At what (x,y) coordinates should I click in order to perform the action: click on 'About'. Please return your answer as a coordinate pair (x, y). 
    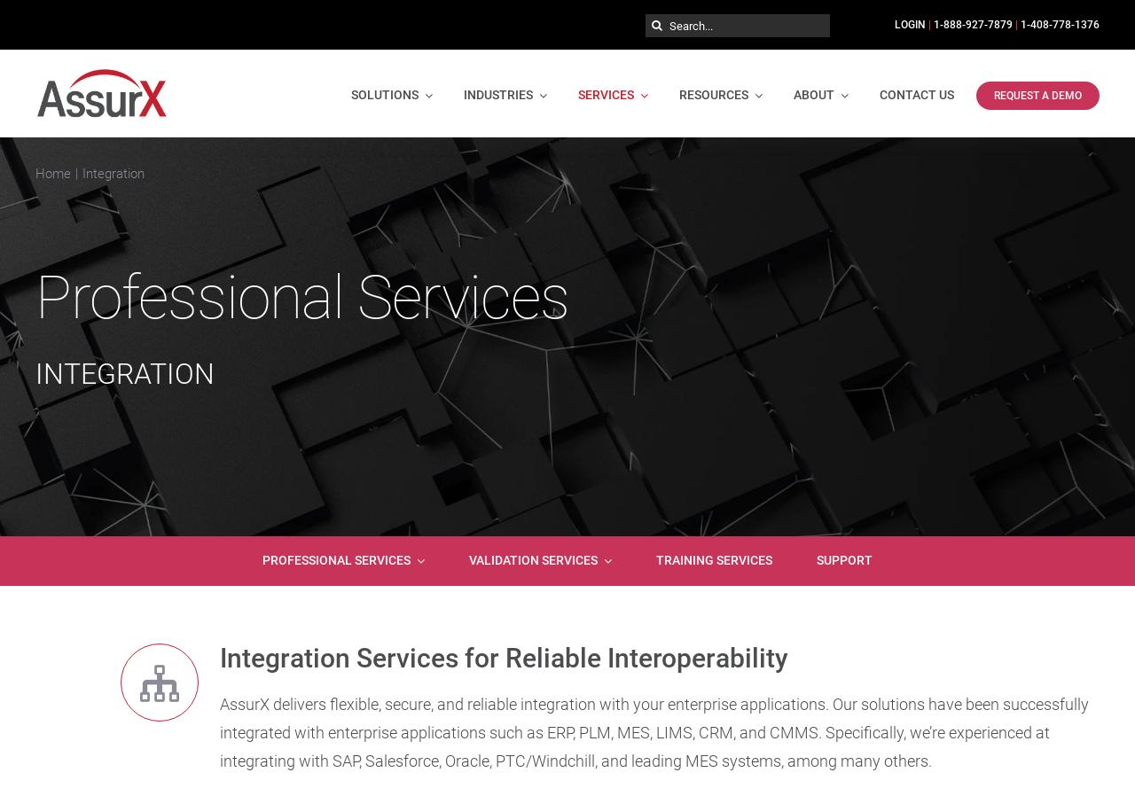
    Looking at the image, I should click on (813, 94).